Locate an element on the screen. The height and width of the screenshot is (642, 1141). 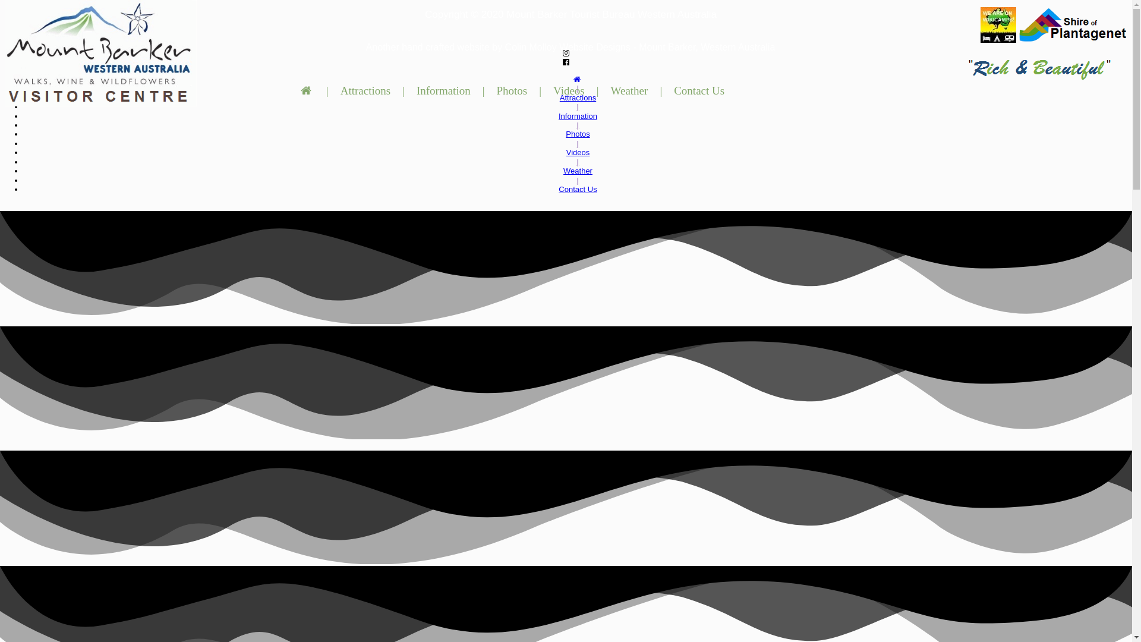
'Return to Home Page' is located at coordinates (100, 52).